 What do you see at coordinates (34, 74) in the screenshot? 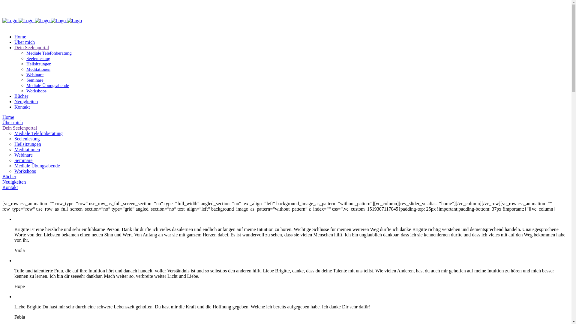
I see `'Webinare'` at bounding box center [34, 74].